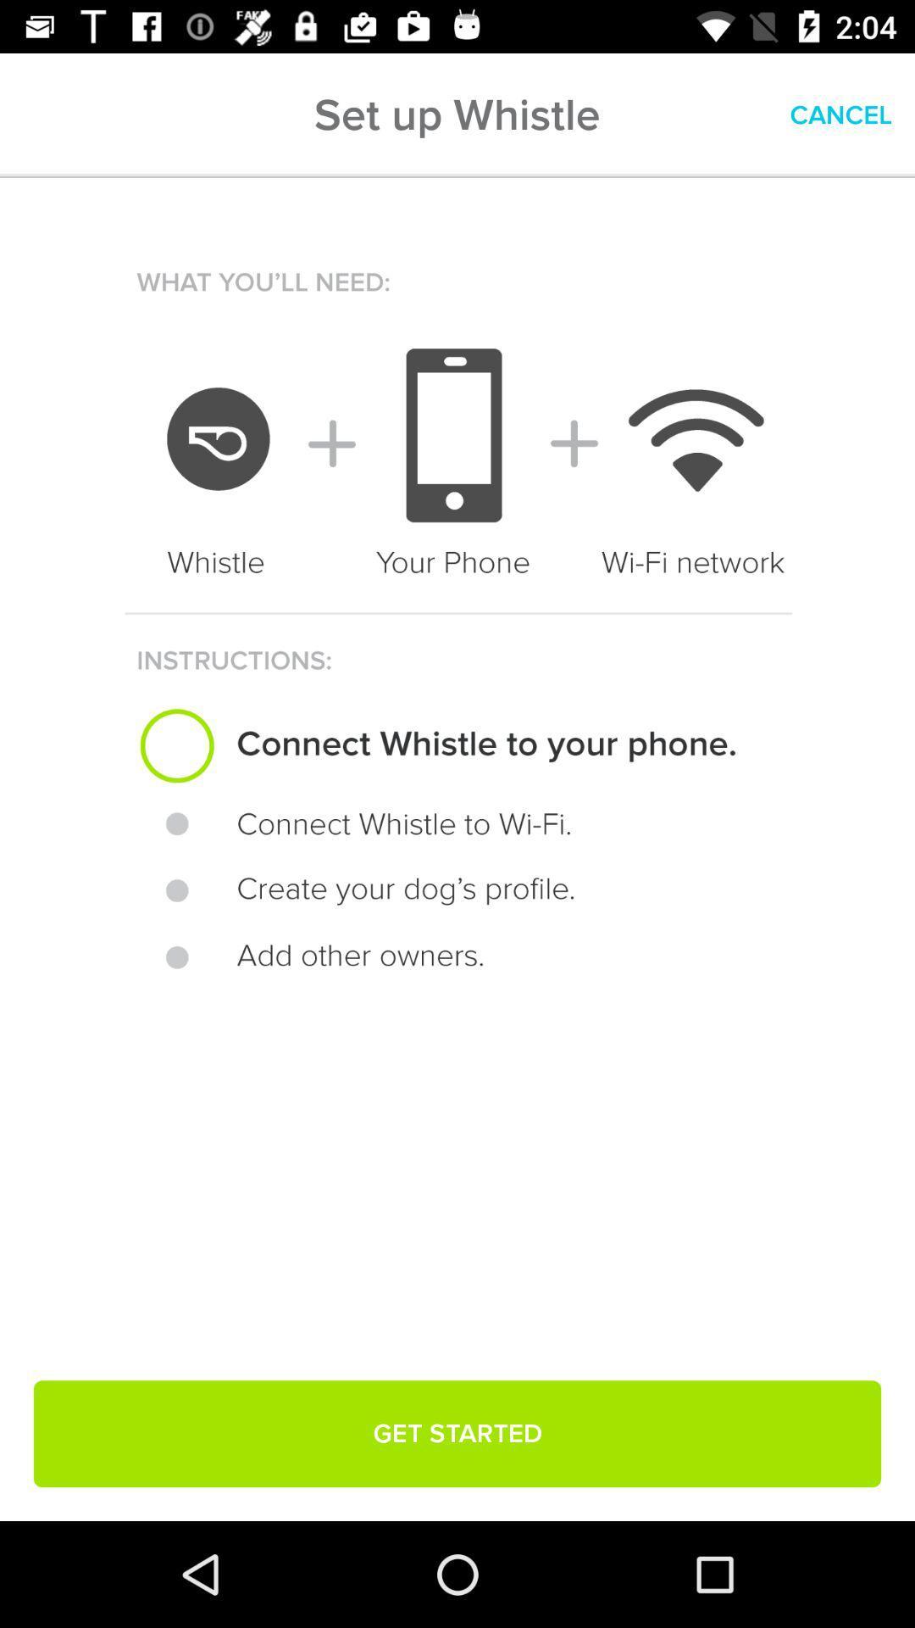  What do you see at coordinates (840, 114) in the screenshot?
I see `cancel item` at bounding box center [840, 114].